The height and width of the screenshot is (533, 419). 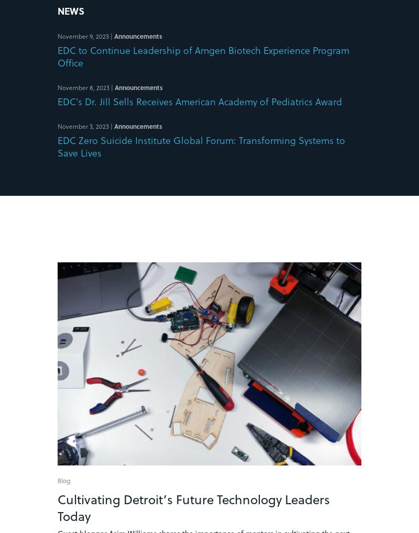 I want to click on 'News', so click(x=71, y=12).